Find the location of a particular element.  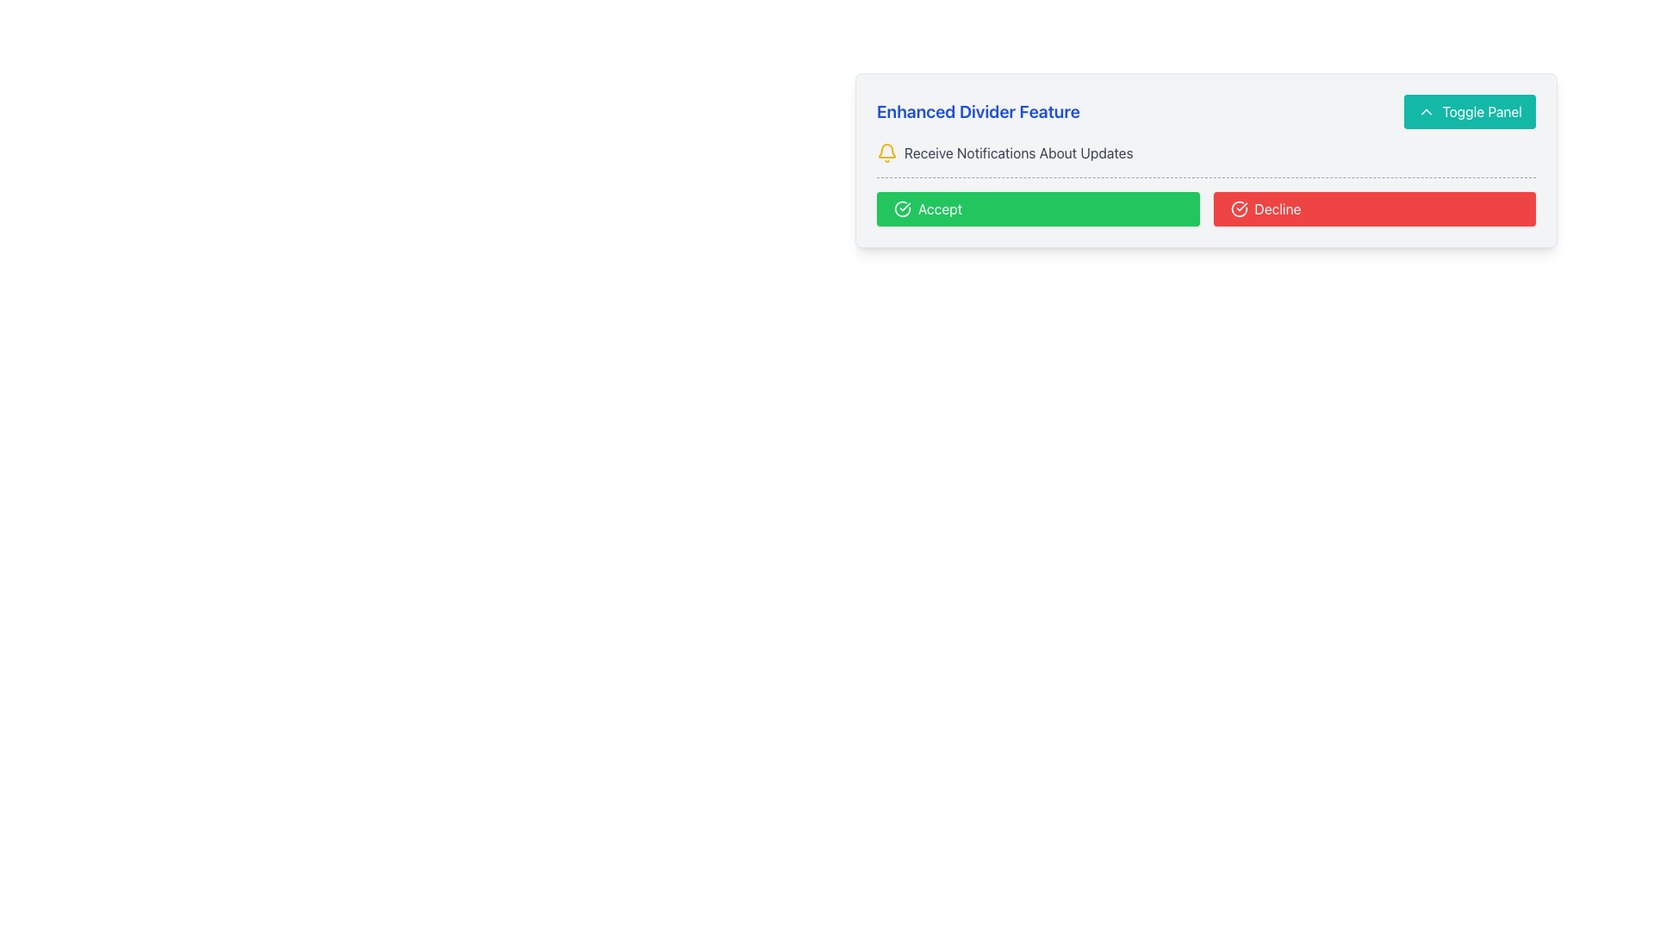

the decline button located to the right of the 'Accept' button to potentially see a tooltip or visual feedback is located at coordinates (1373, 208).